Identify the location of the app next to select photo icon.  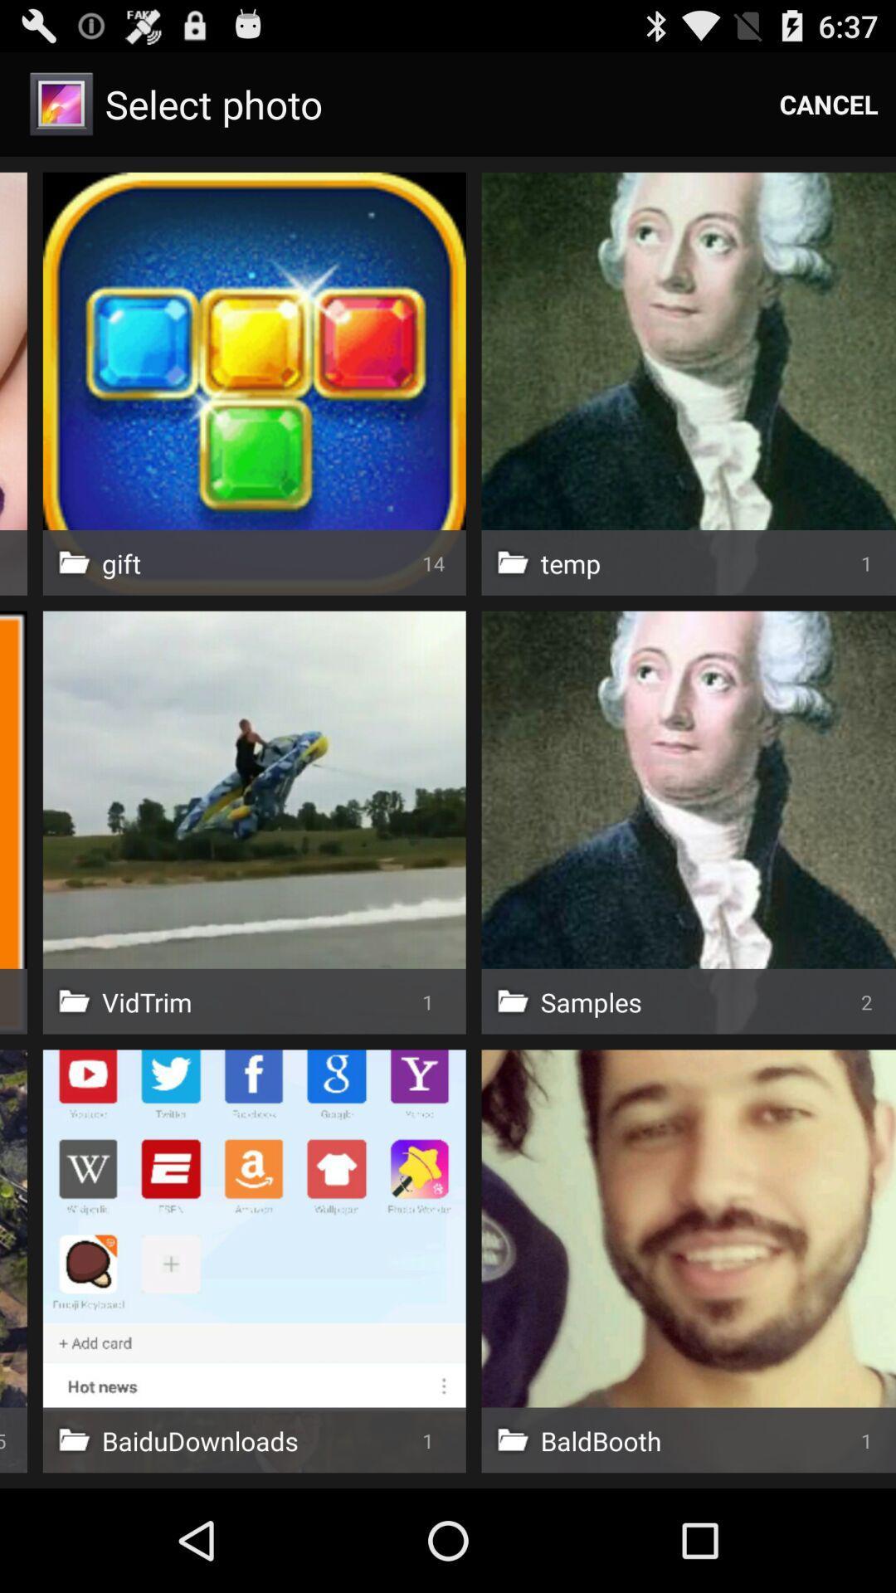
(829, 103).